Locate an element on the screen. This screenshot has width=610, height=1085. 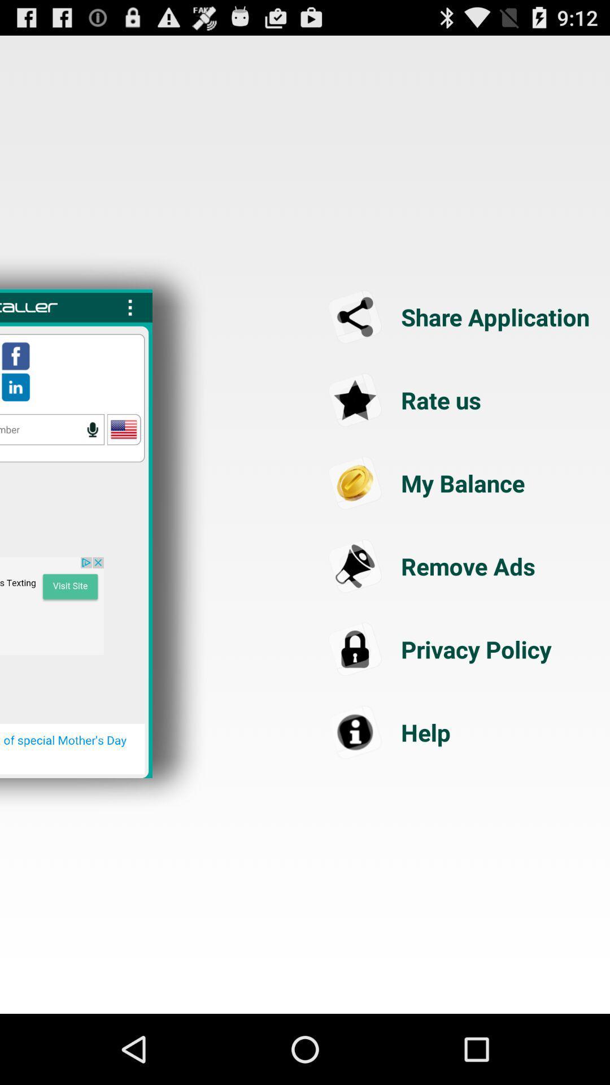
access linkedin profile is located at coordinates (16, 387).